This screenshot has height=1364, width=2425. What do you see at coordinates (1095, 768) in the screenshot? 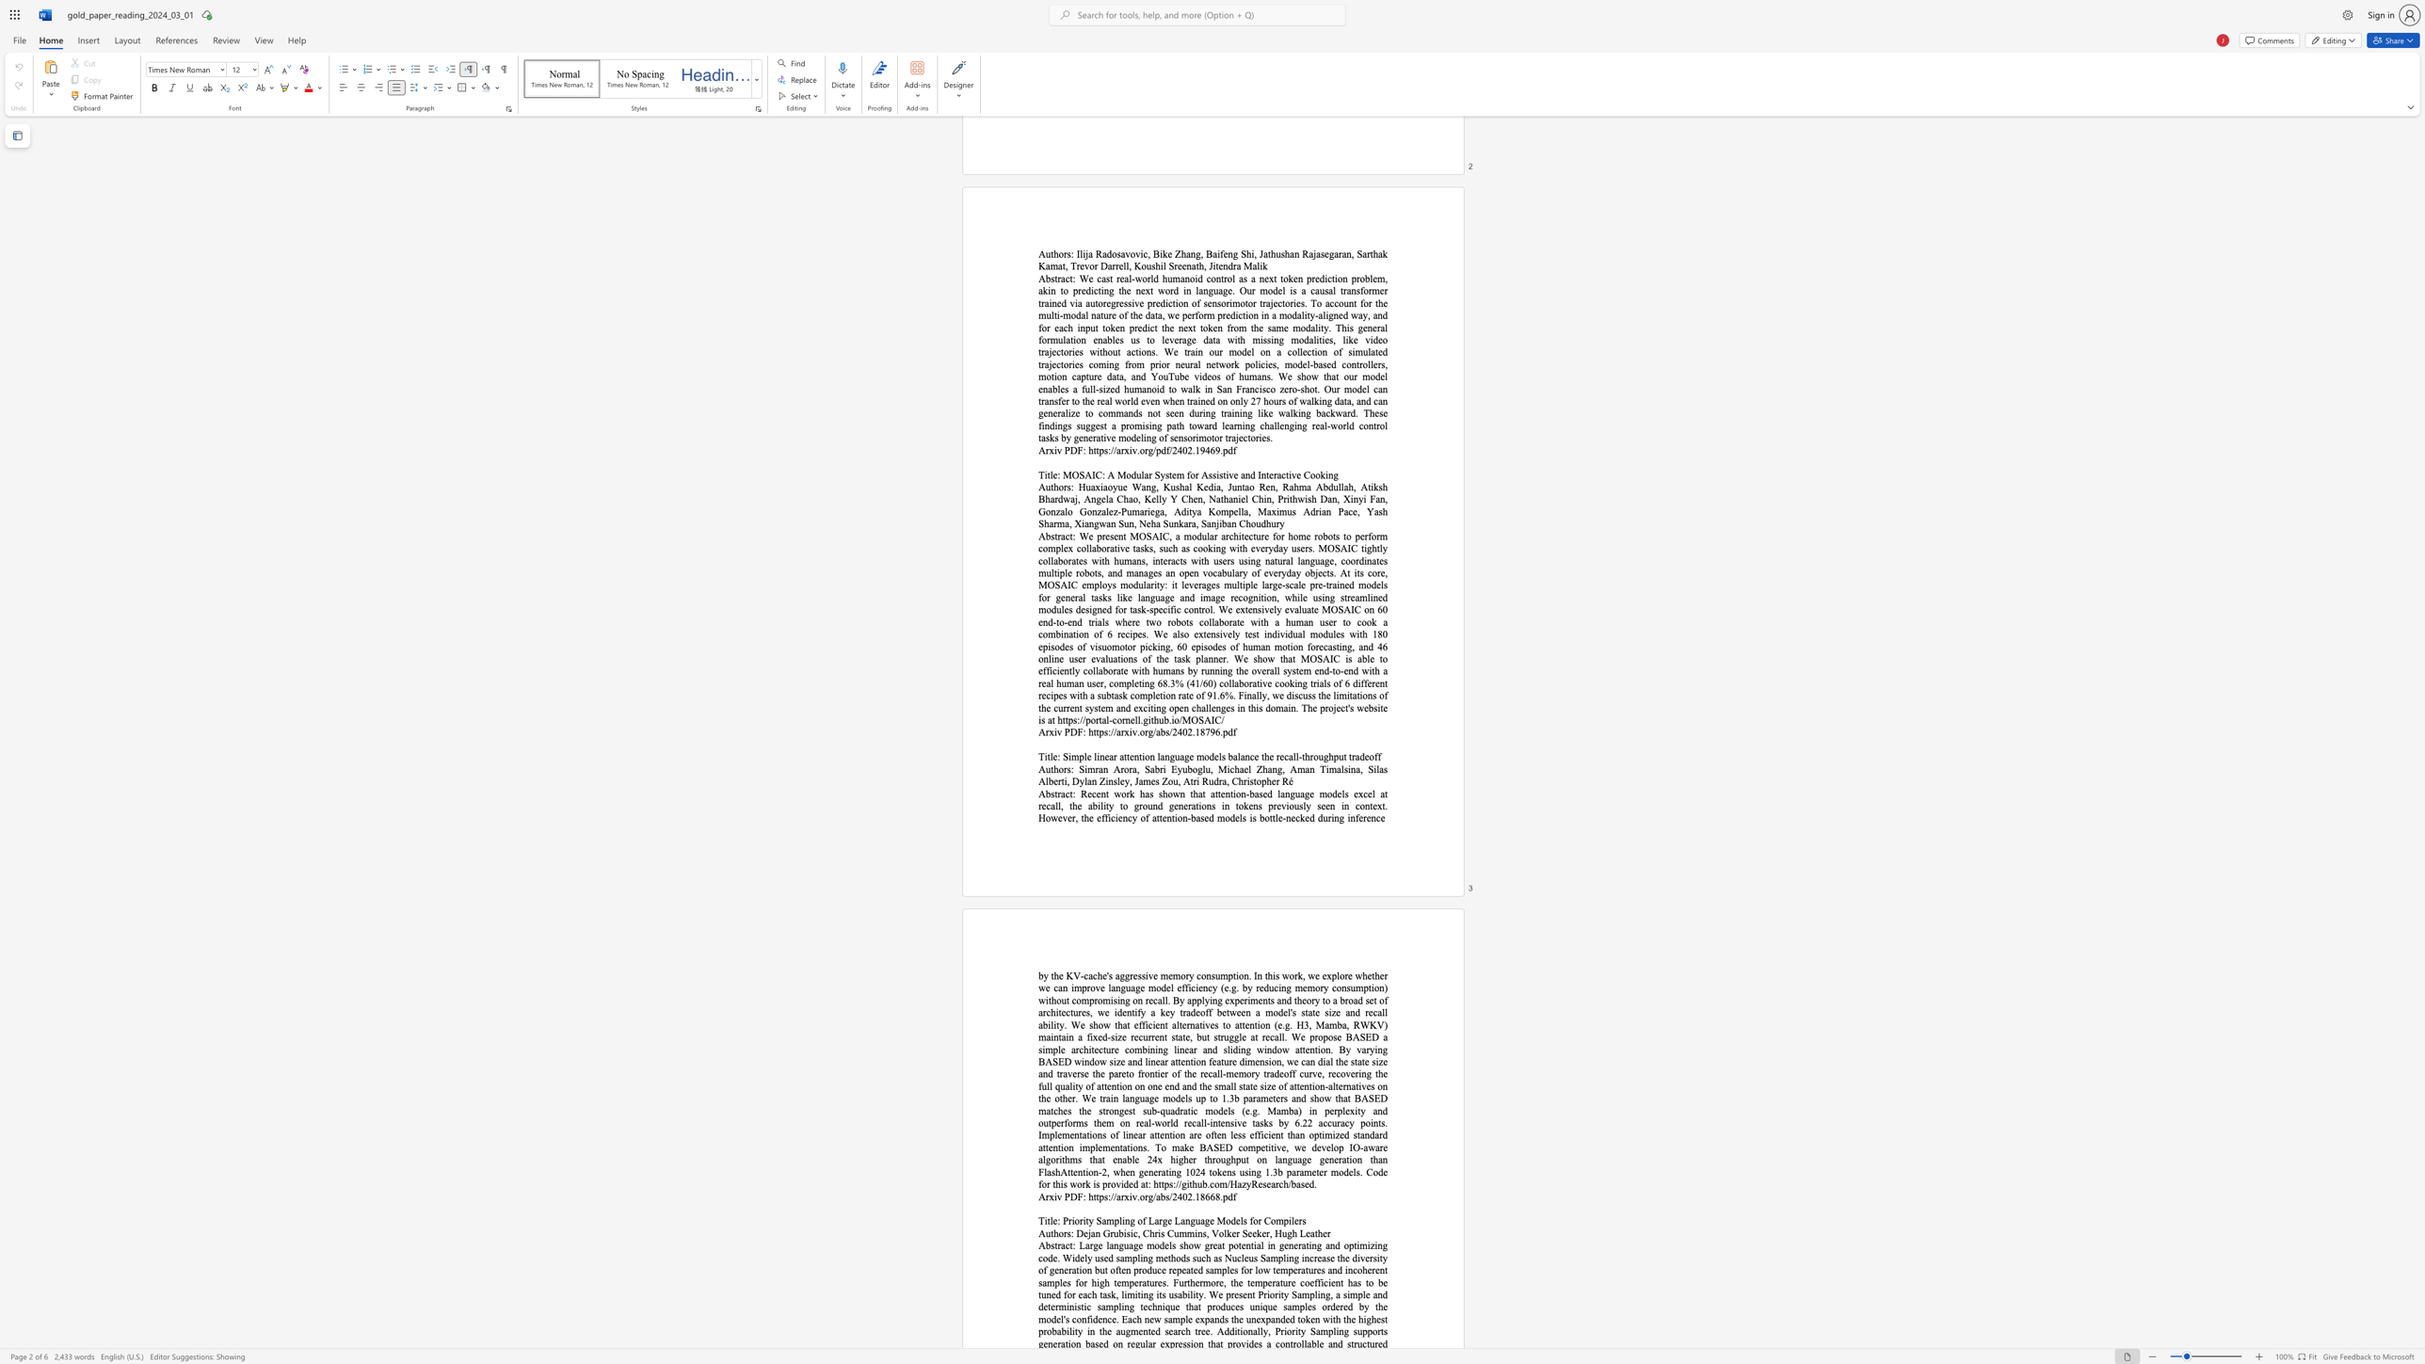
I see `the subset text "ran Arora, Sabri Eyuboglu, Michael Zhang, Aman Timalsin" within the text "Simran Arora, Sabri Eyuboglu, Michael Zhang, Aman Timalsina, Silas Alberti, Dylan Zinsley, James Zou, Atri Rudra, Christopher Ré"` at bounding box center [1095, 768].